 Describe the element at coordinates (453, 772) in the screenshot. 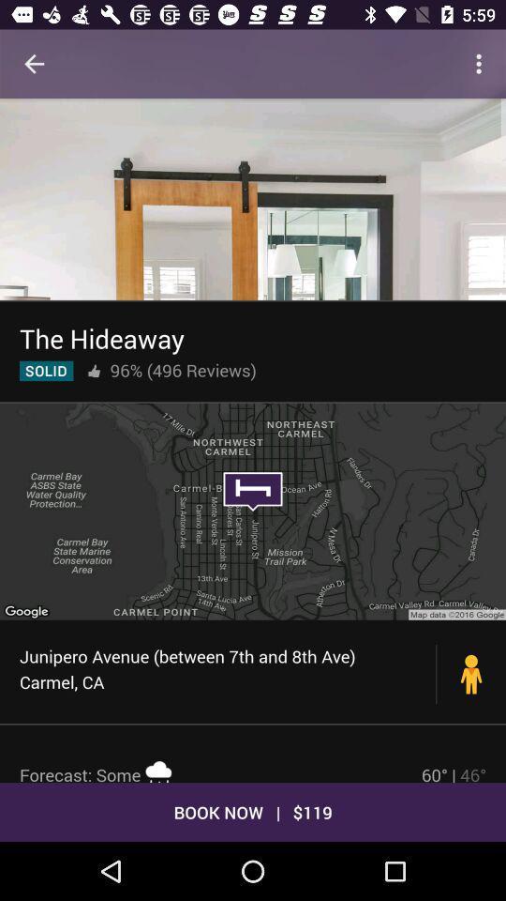

I see `the item to the right of the forecast: some   icon` at that location.